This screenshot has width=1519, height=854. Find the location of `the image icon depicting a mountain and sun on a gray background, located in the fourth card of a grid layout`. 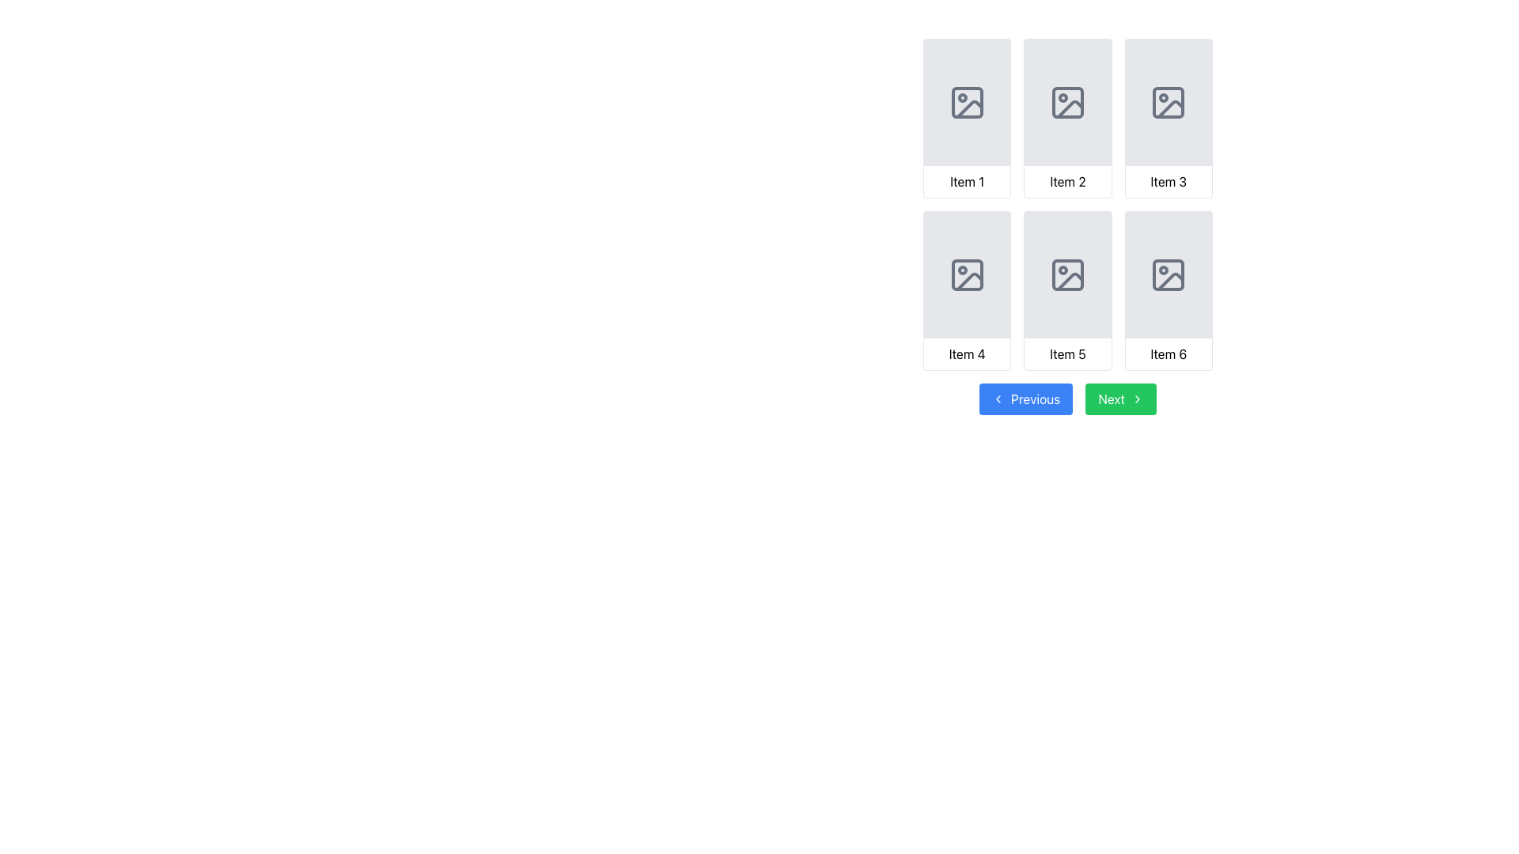

the image icon depicting a mountain and sun on a gray background, located in the fourth card of a grid layout is located at coordinates (966, 274).